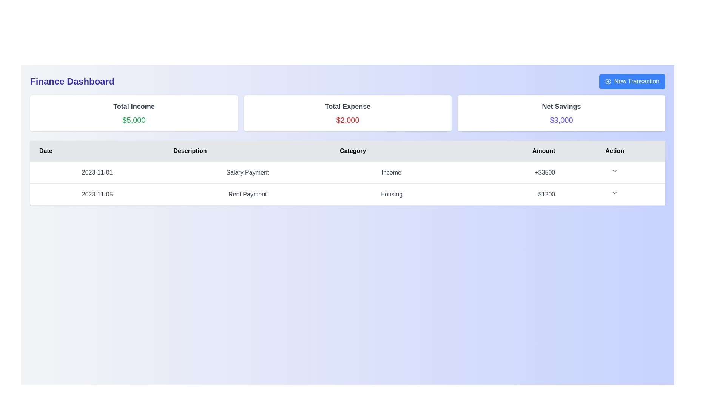 This screenshot has height=408, width=725. What do you see at coordinates (247, 172) in the screenshot?
I see `the 'Salary Payment' text label in the Description column of the financial table` at bounding box center [247, 172].